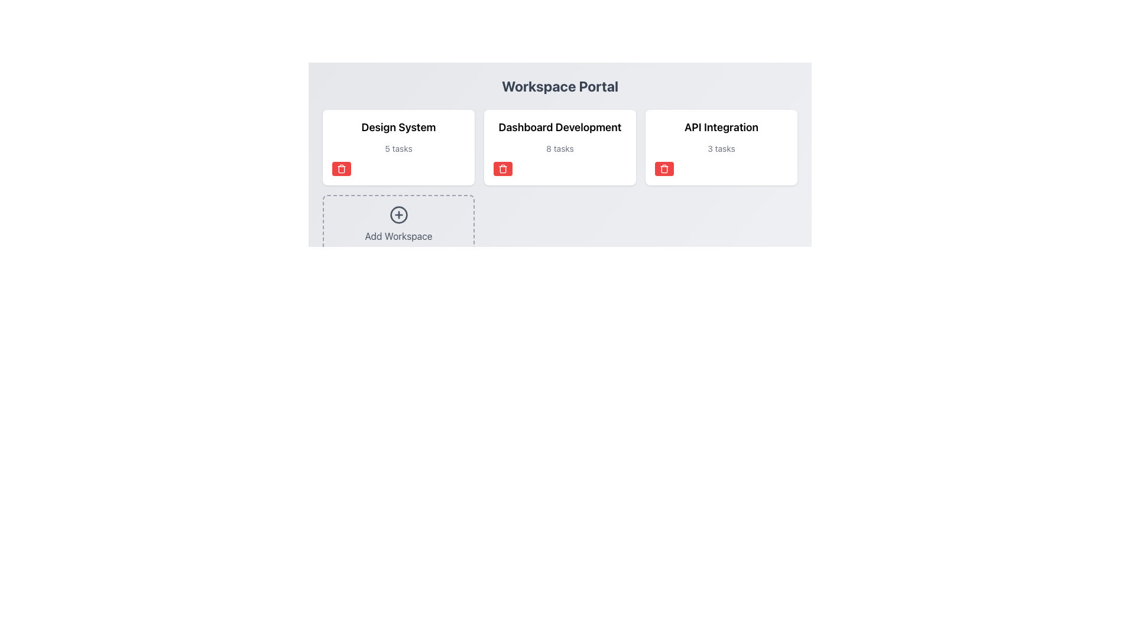  I want to click on the text label that reads 'API Integration', which is styled in large, bold font and positioned above the text '3 tasks', so click(721, 128).